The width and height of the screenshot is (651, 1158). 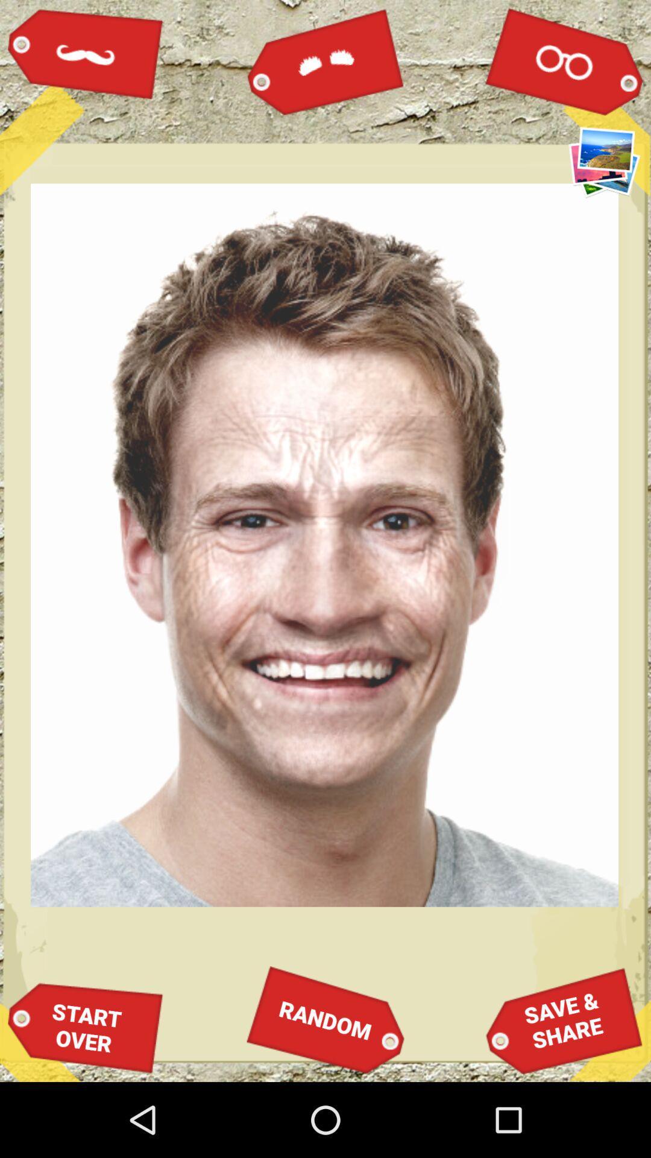 I want to click on the item at the bottom left corner, so click(x=85, y=1027).